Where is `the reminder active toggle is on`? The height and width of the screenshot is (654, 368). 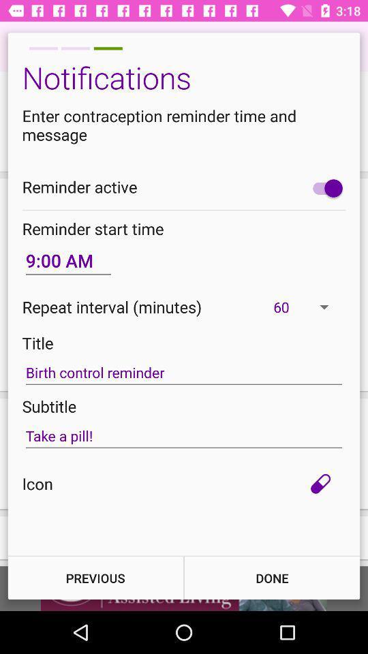
the reminder active toggle is on is located at coordinates (324, 187).